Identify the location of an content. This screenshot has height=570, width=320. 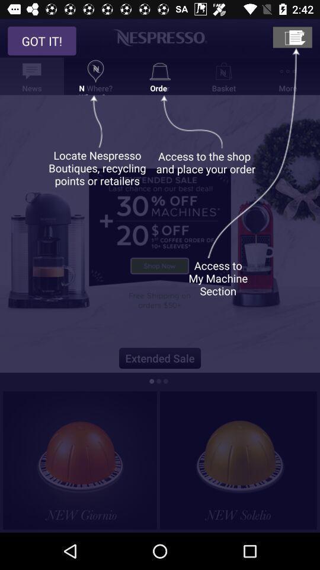
(238, 460).